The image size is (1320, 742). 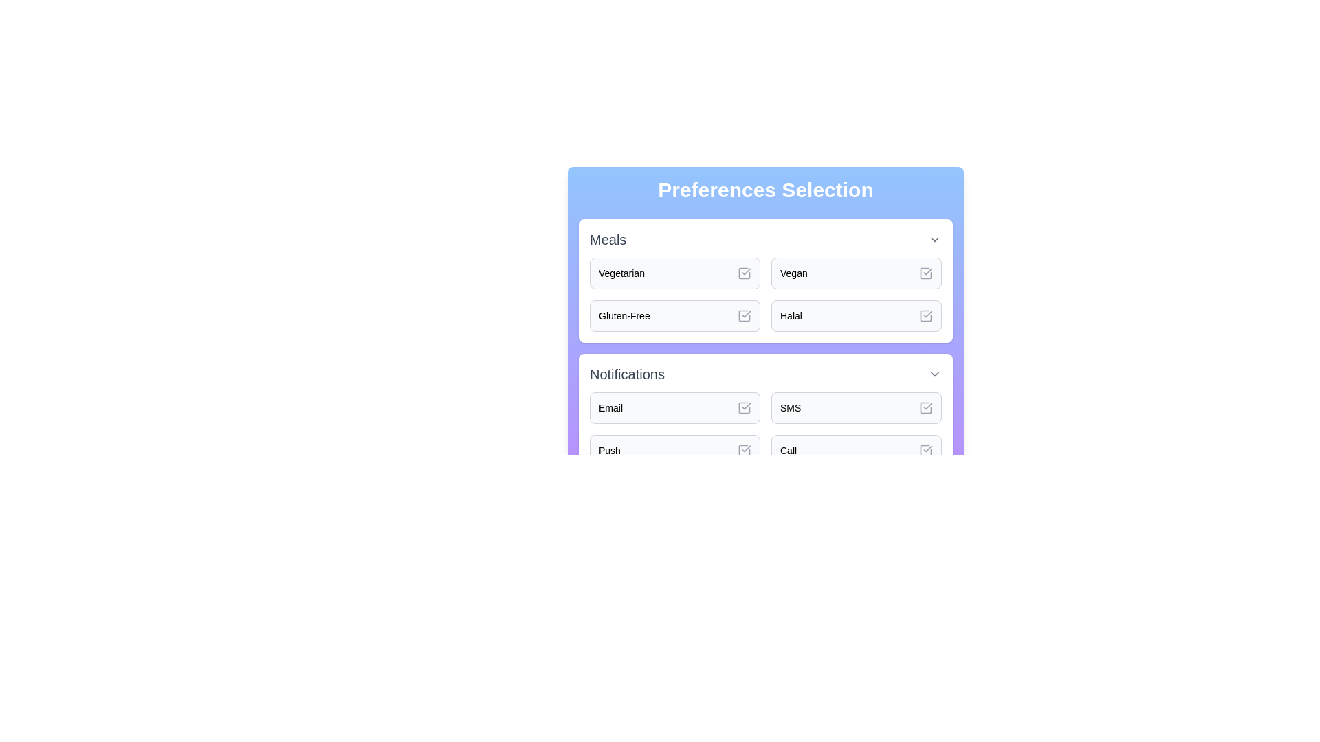 What do you see at coordinates (744, 450) in the screenshot?
I see `the checkbox indicating the status of the 'Push' notification option within the 'Notifications' preferences section` at bounding box center [744, 450].